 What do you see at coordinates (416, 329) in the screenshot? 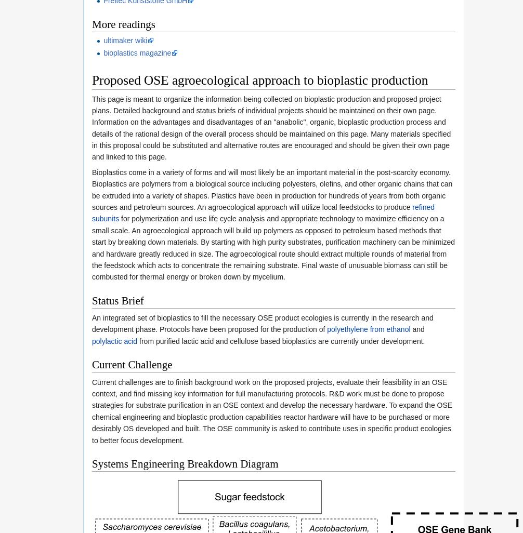
I see `'and'` at bounding box center [416, 329].